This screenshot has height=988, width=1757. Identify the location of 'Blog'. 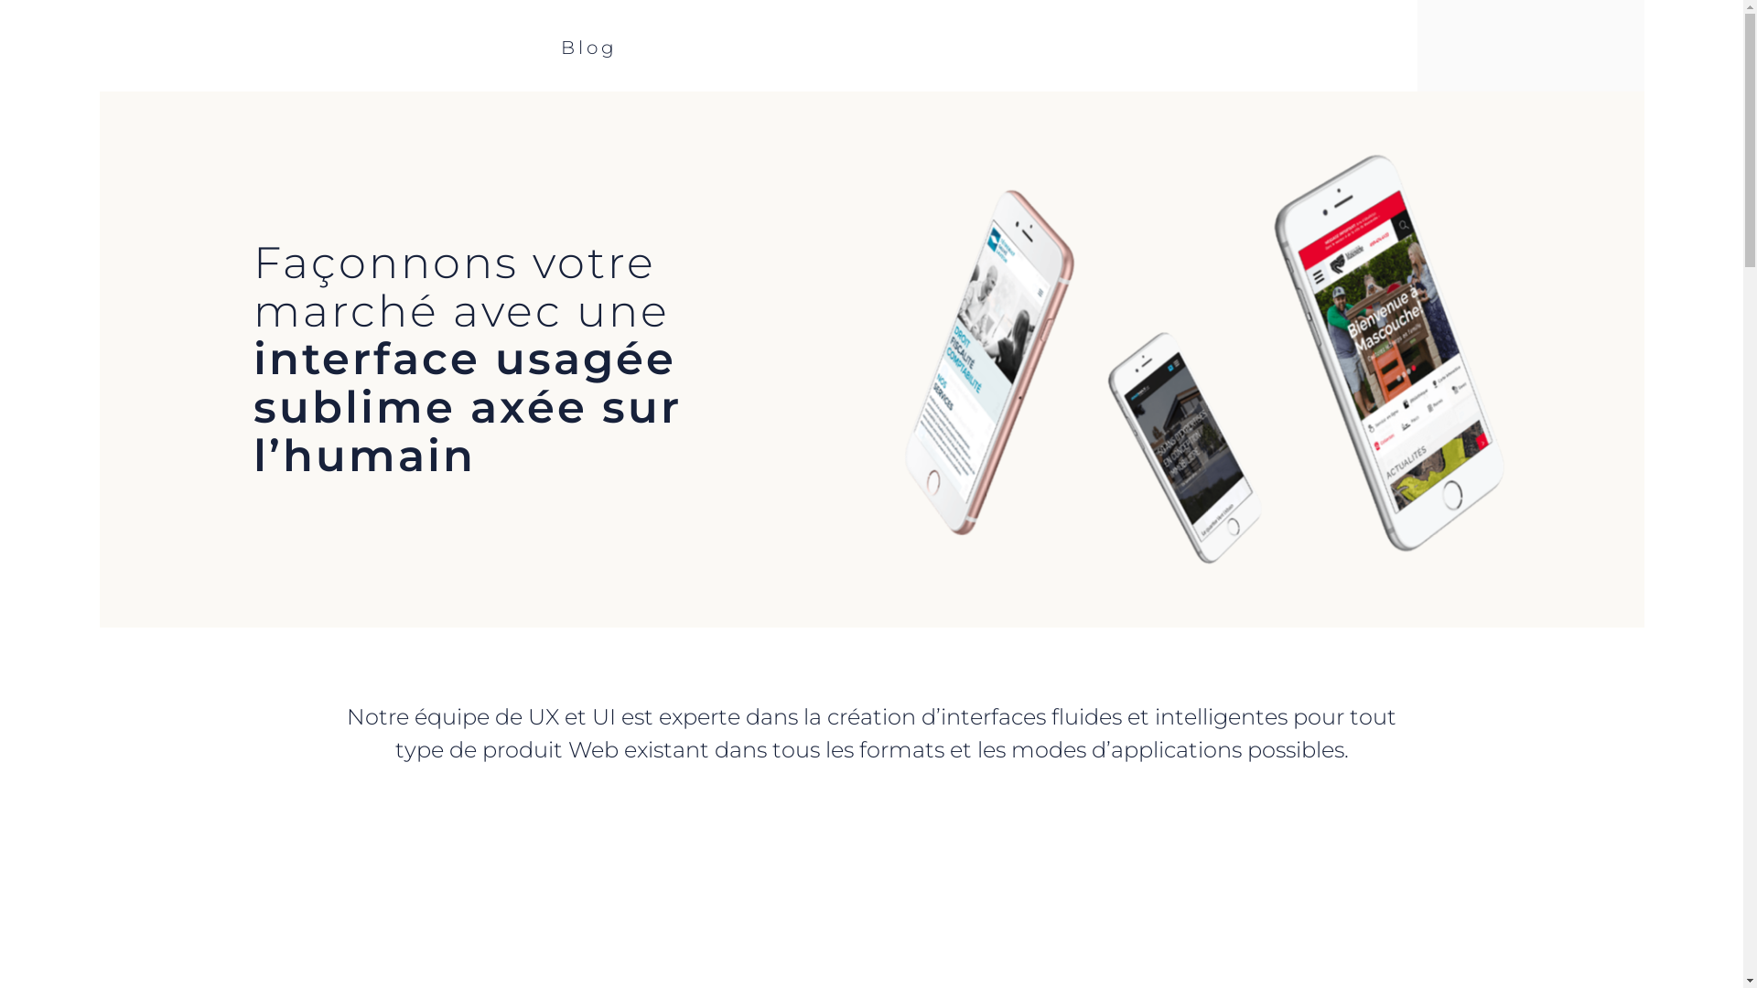
(588, 45).